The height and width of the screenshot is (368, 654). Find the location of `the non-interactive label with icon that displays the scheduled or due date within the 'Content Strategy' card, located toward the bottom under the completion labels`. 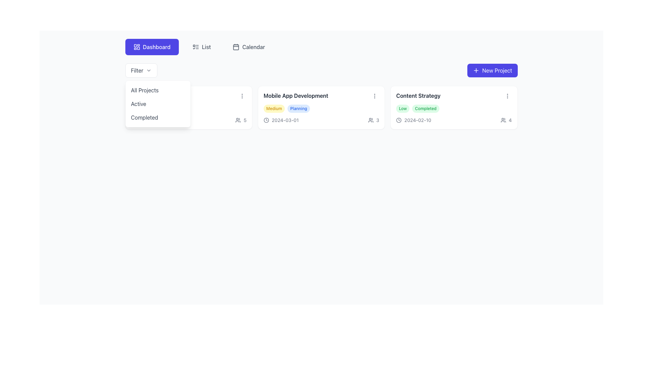

the non-interactive label with icon that displays the scheduled or due date within the 'Content Strategy' card, located toward the bottom under the completion labels is located at coordinates (413, 120).